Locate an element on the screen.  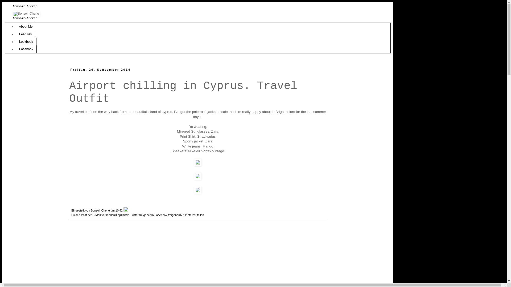
'10:42' is located at coordinates (119, 210).